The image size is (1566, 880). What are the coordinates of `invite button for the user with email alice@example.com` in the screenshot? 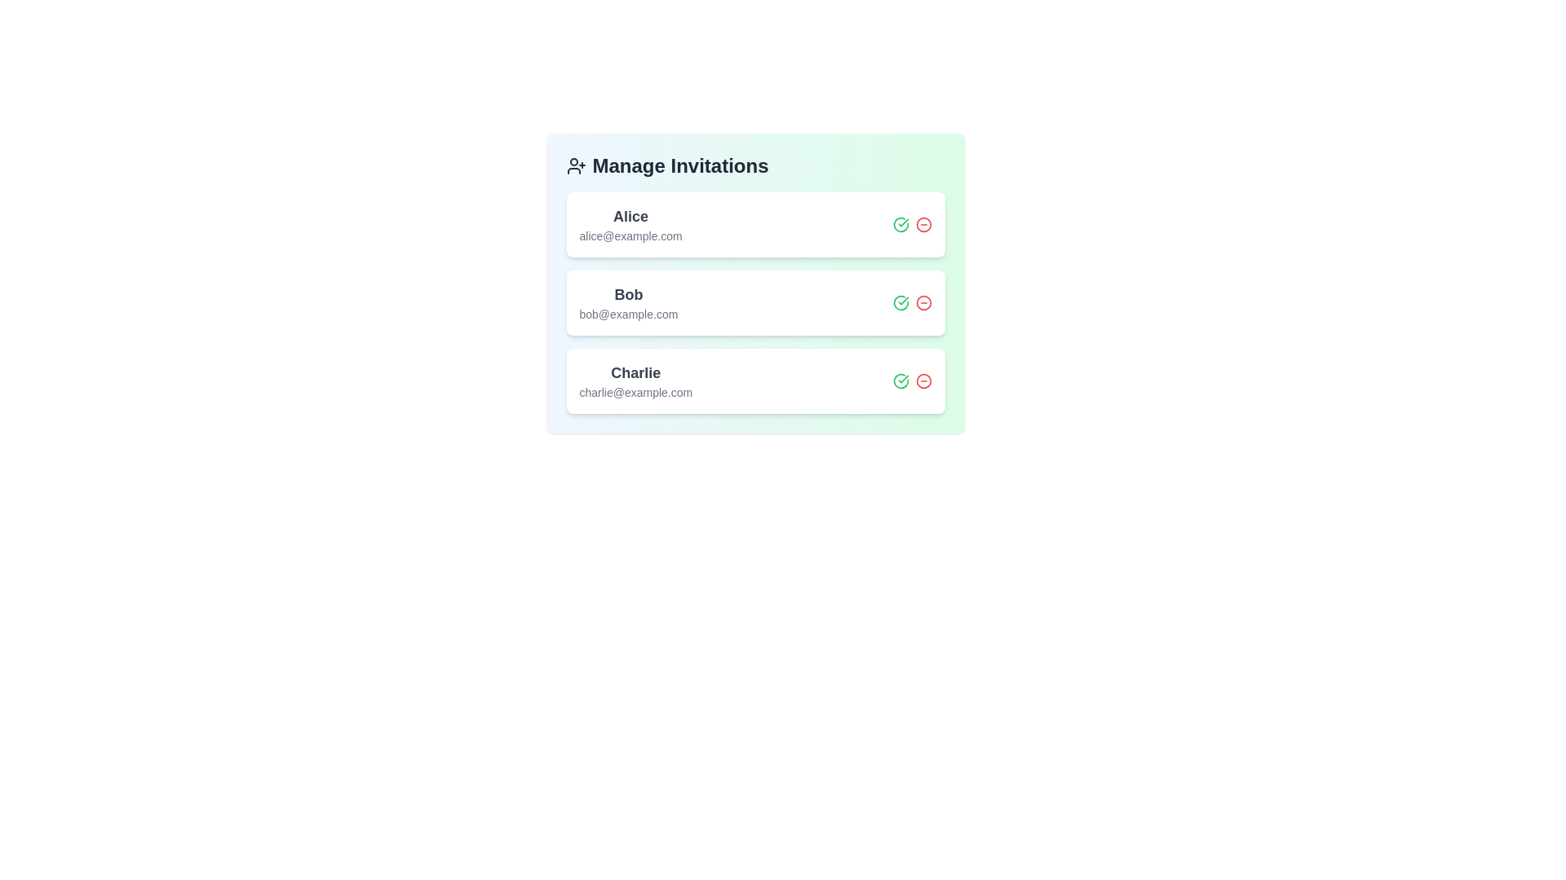 It's located at (900, 225).